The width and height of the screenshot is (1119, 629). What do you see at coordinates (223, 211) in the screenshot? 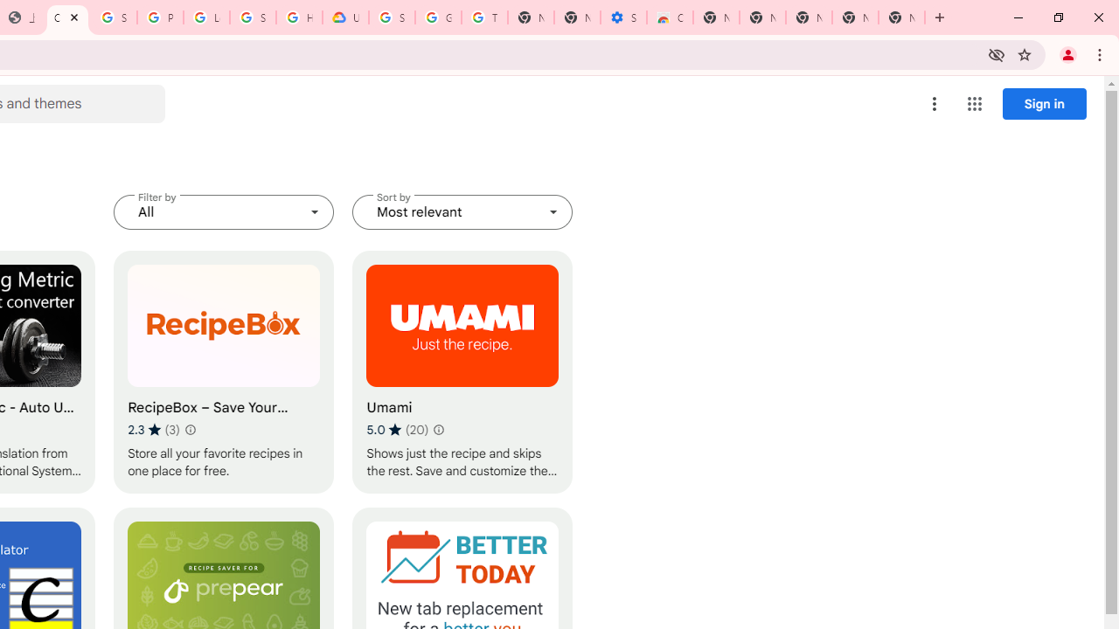
I see `'Filter by All'` at bounding box center [223, 211].